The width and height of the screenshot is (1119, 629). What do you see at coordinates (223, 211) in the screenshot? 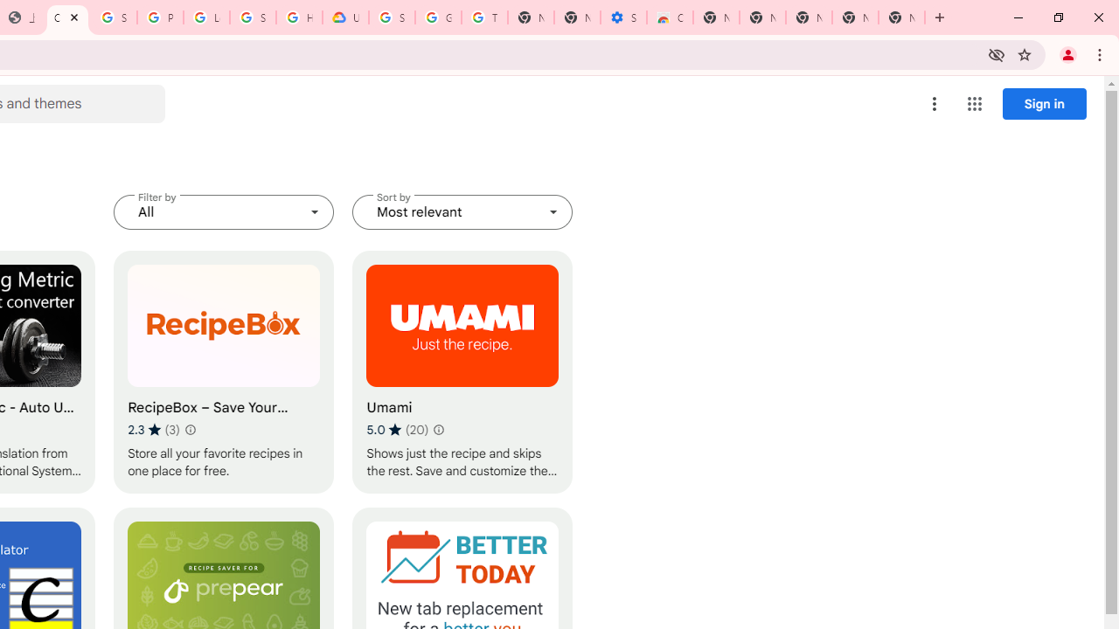
I see `'Filter by All'` at bounding box center [223, 211].